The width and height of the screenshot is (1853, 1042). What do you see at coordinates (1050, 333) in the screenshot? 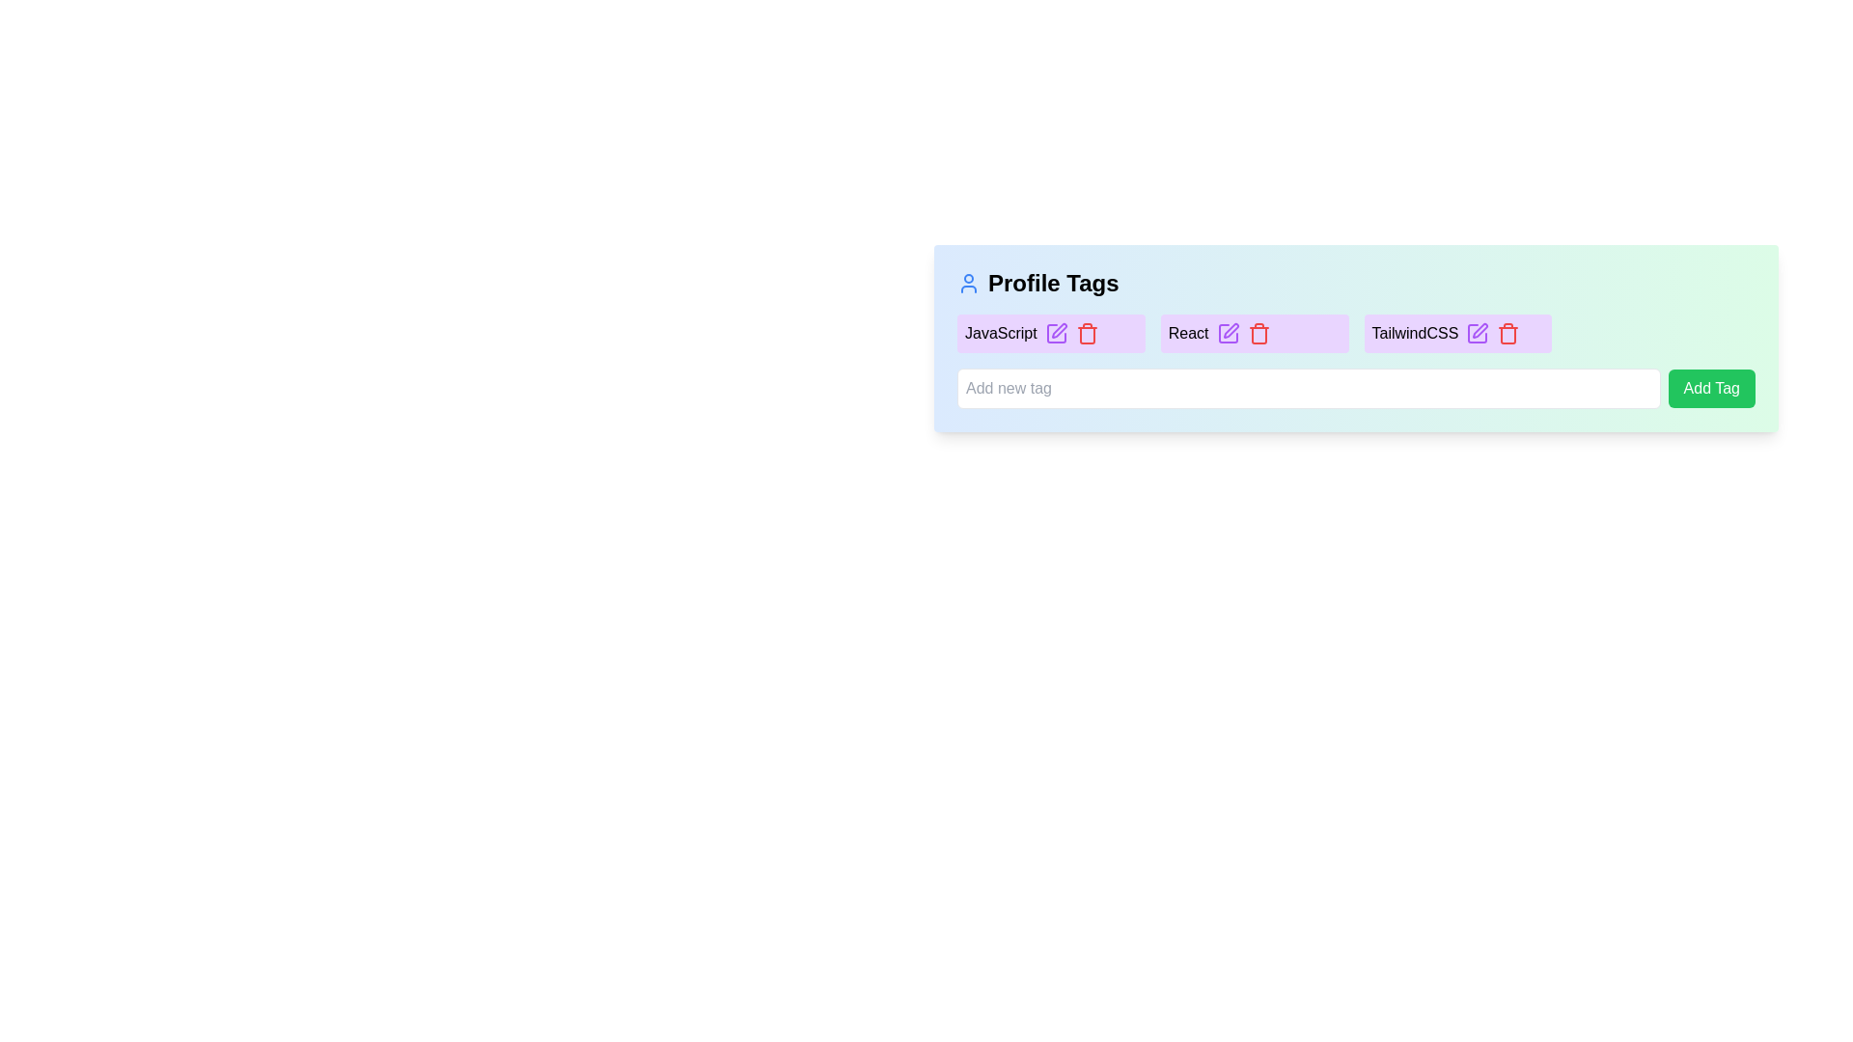
I see `the edit icon on the 'JavaScript' tag badge, which is a rectangular badge with a light purple background and contains the text 'JavaScript' aligned to the left side, with an edit icon (purple) on the right end` at bounding box center [1050, 333].